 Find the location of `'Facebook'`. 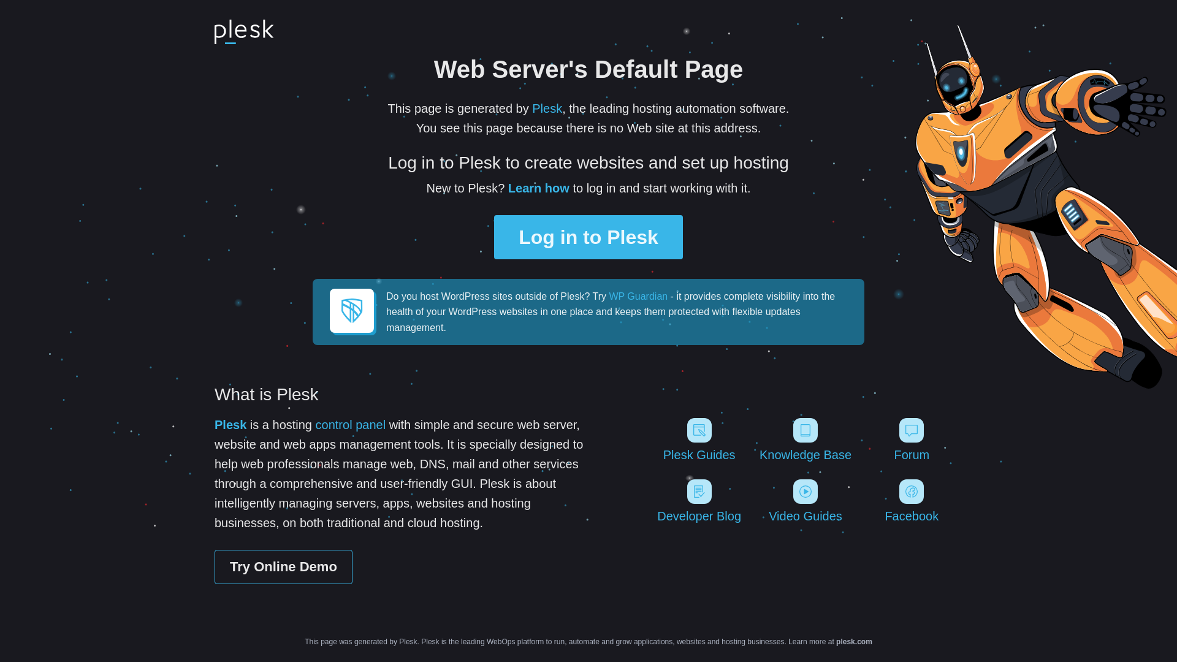

'Facebook' is located at coordinates (861, 501).